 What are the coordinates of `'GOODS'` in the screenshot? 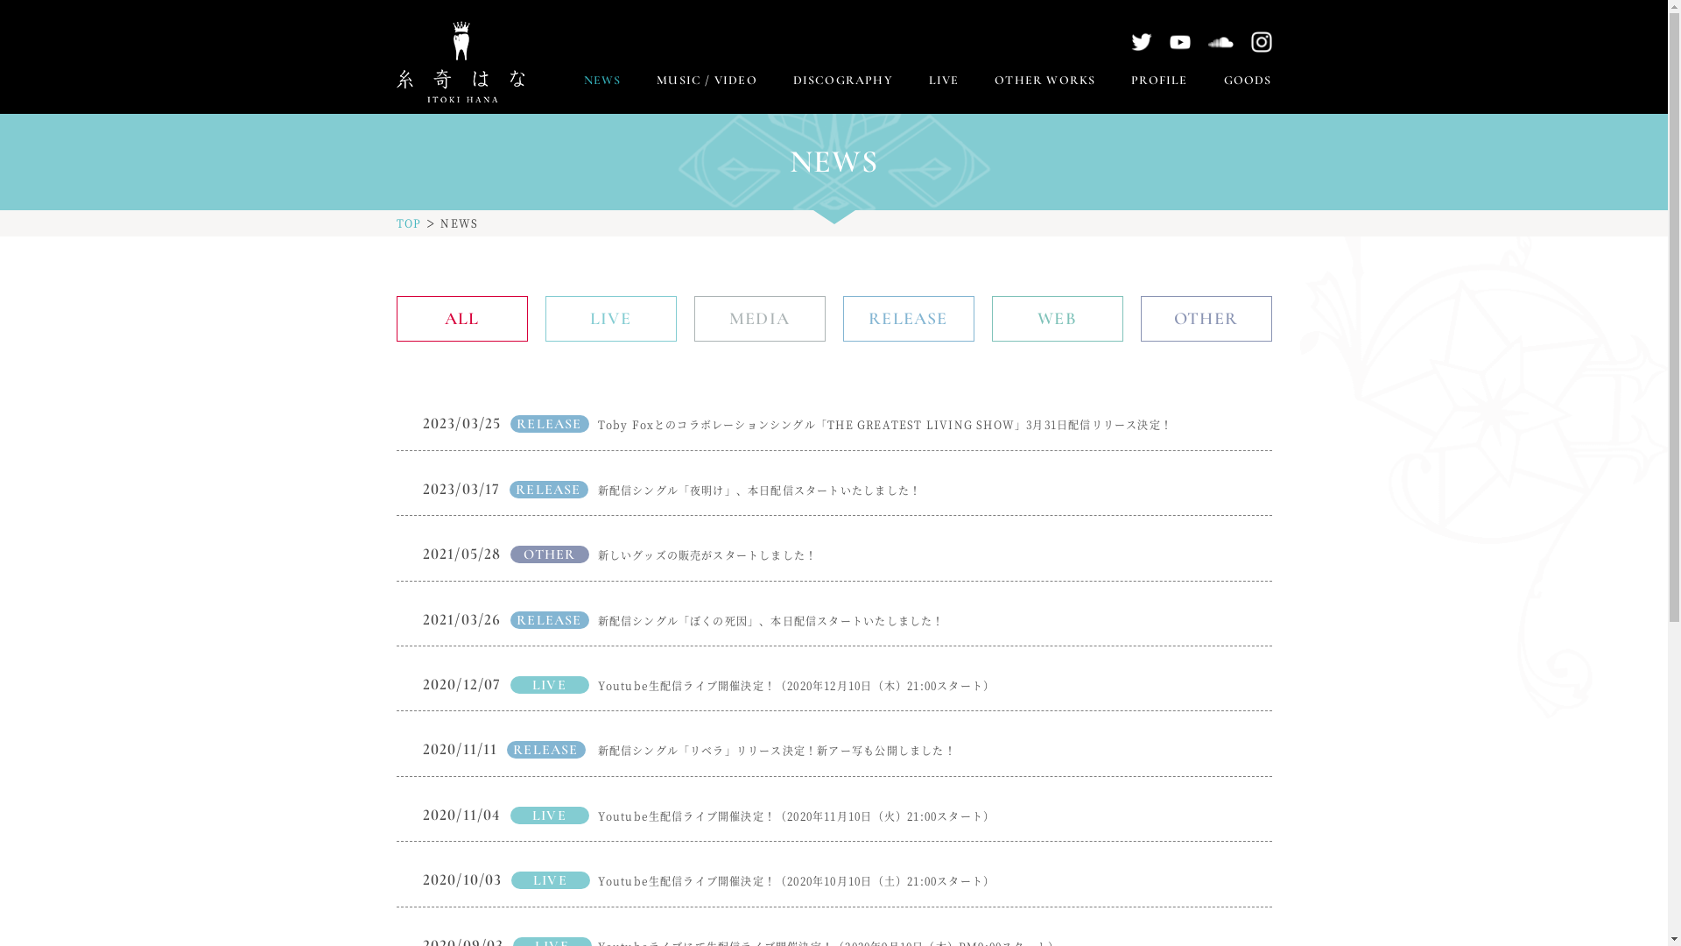 It's located at (1247, 80).